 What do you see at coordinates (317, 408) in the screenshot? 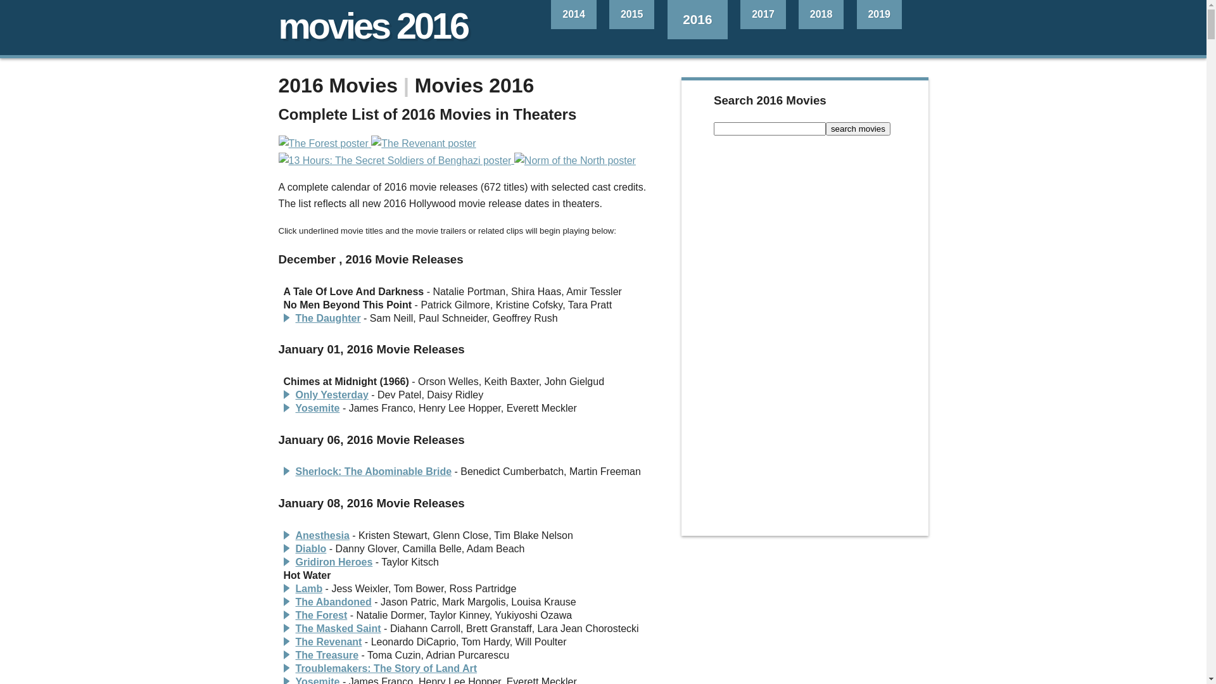
I see `'Yosemite'` at bounding box center [317, 408].